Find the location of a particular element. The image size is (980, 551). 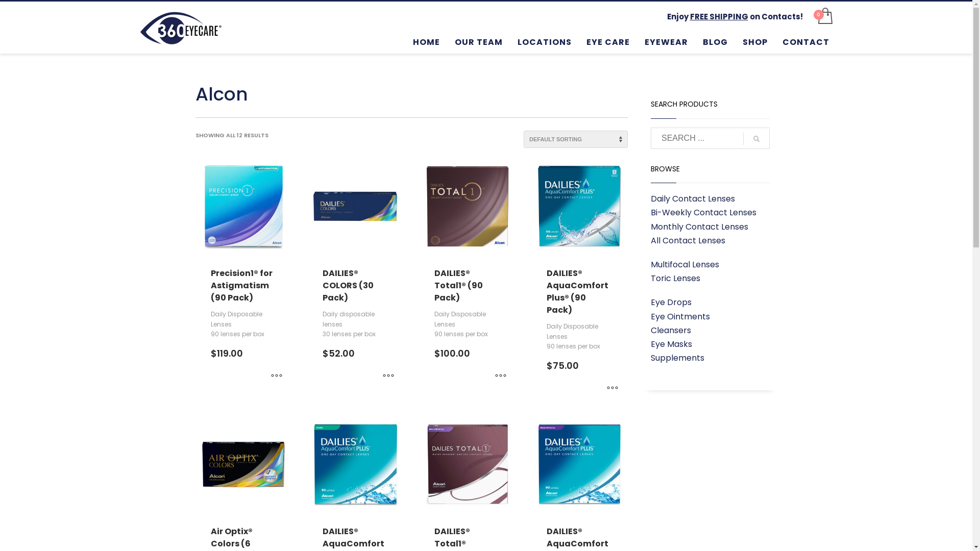

'EYEWEAR' is located at coordinates (666, 41).